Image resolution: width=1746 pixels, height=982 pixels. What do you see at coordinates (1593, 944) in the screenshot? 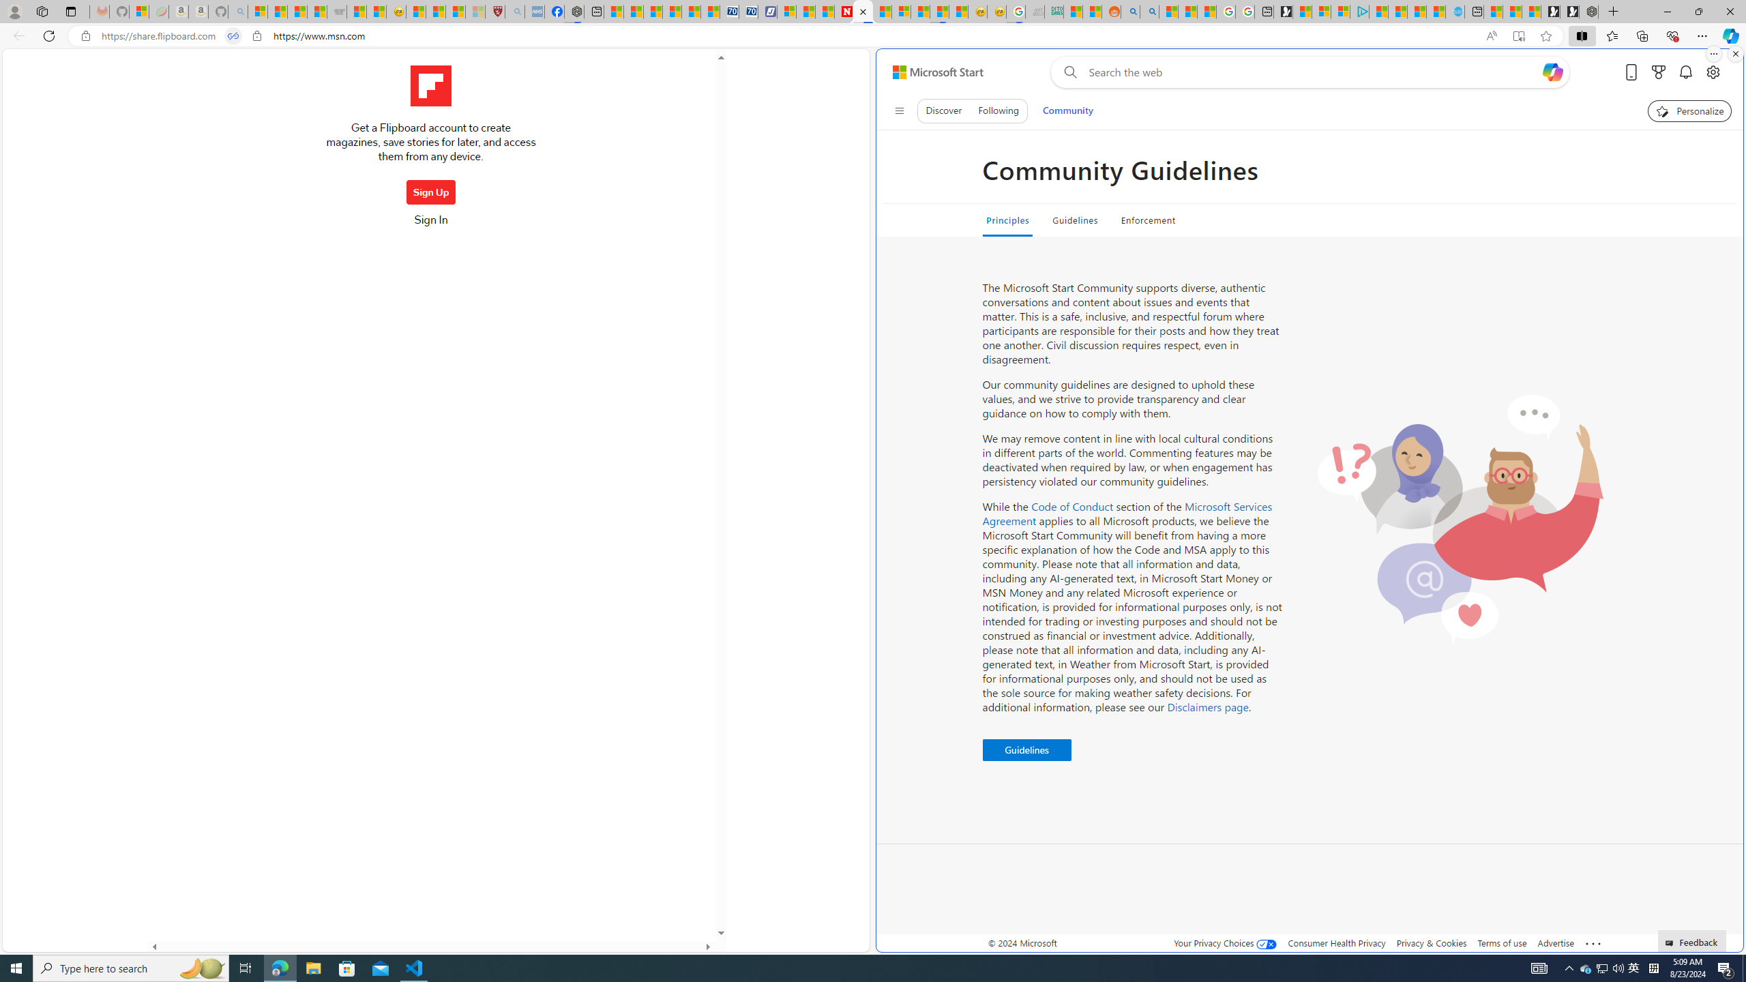
I see `'See more'` at bounding box center [1593, 944].